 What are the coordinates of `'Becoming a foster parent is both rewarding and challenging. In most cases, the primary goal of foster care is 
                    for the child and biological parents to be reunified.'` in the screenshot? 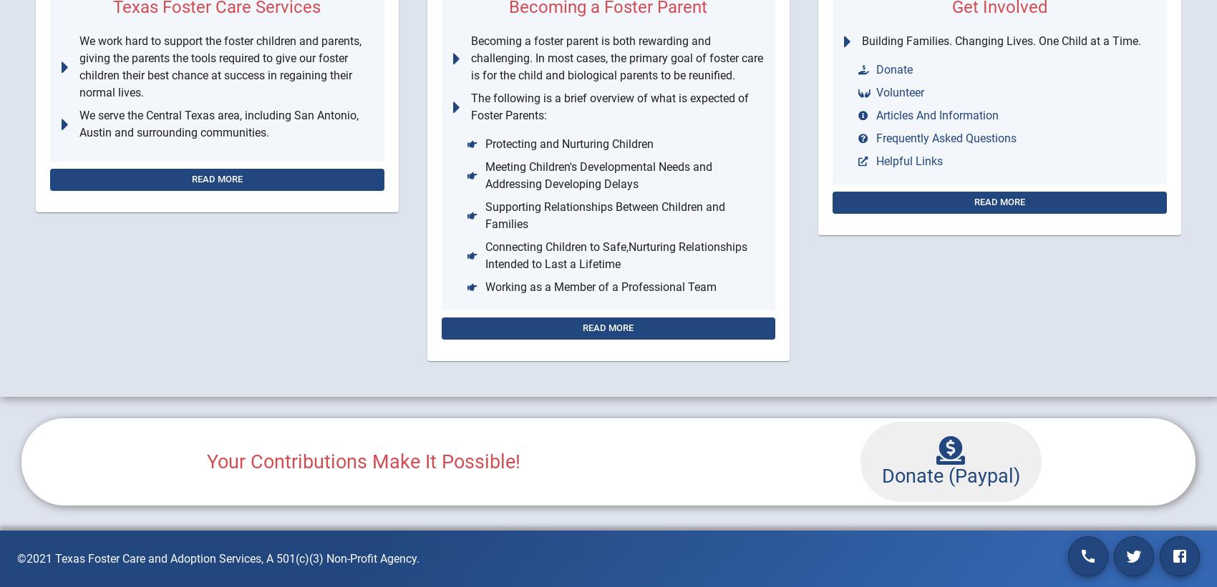 It's located at (616, 58).